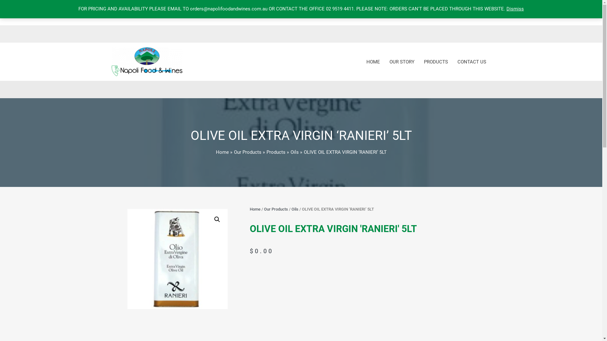  What do you see at coordinates (255, 209) in the screenshot?
I see `'Home'` at bounding box center [255, 209].